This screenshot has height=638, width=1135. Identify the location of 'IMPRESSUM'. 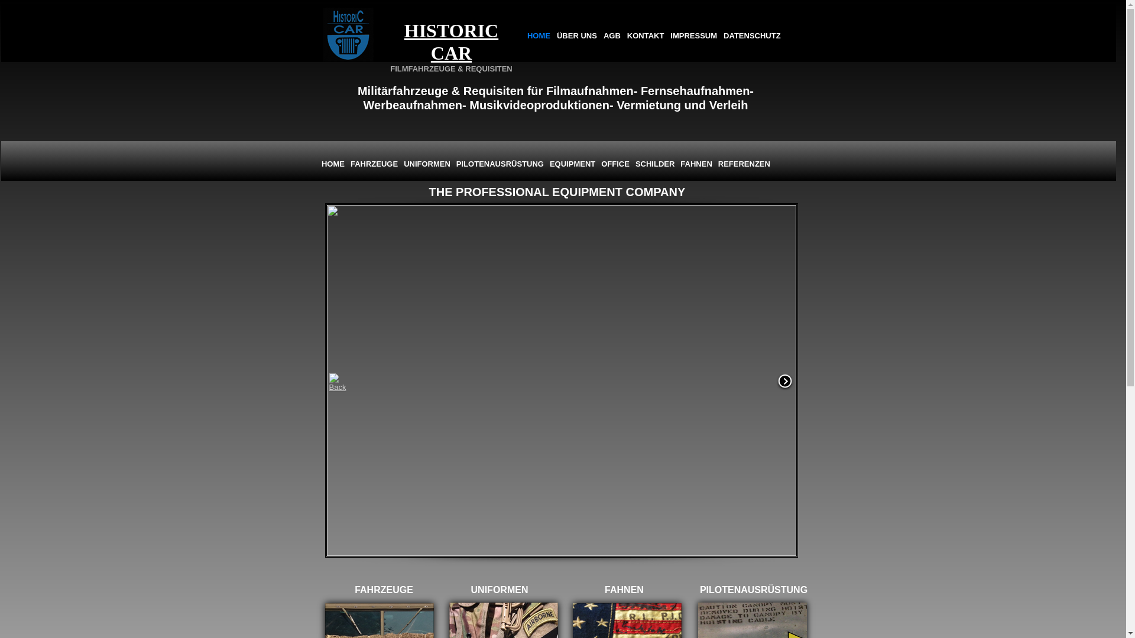
(693, 35).